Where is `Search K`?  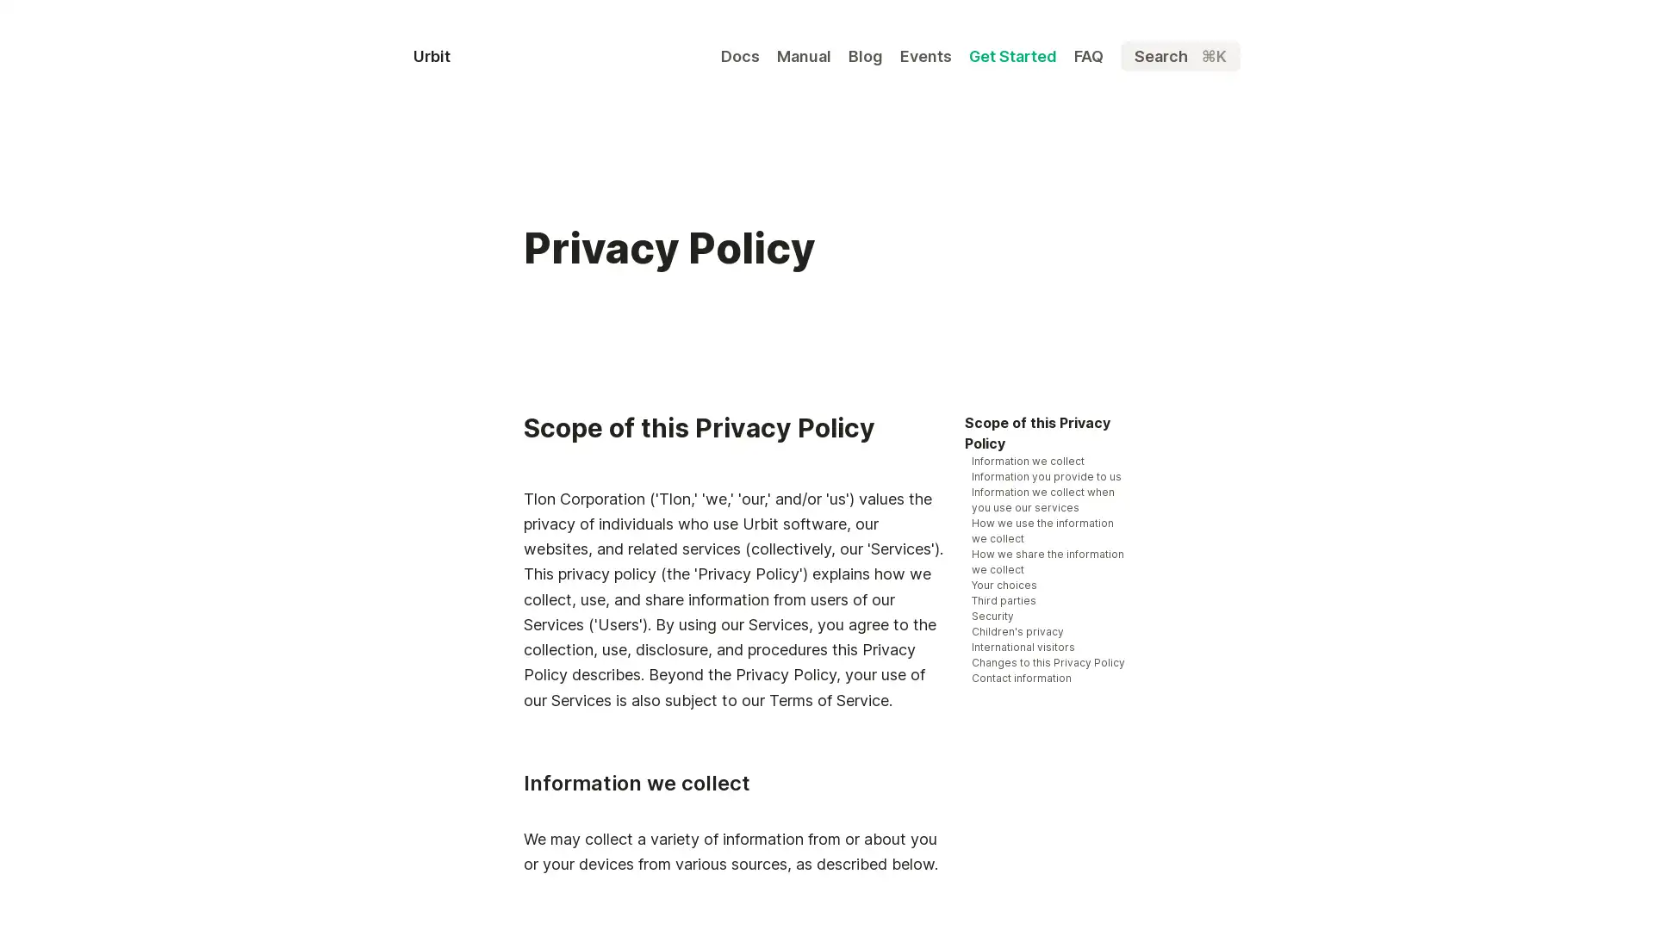
Search K is located at coordinates (1179, 55).